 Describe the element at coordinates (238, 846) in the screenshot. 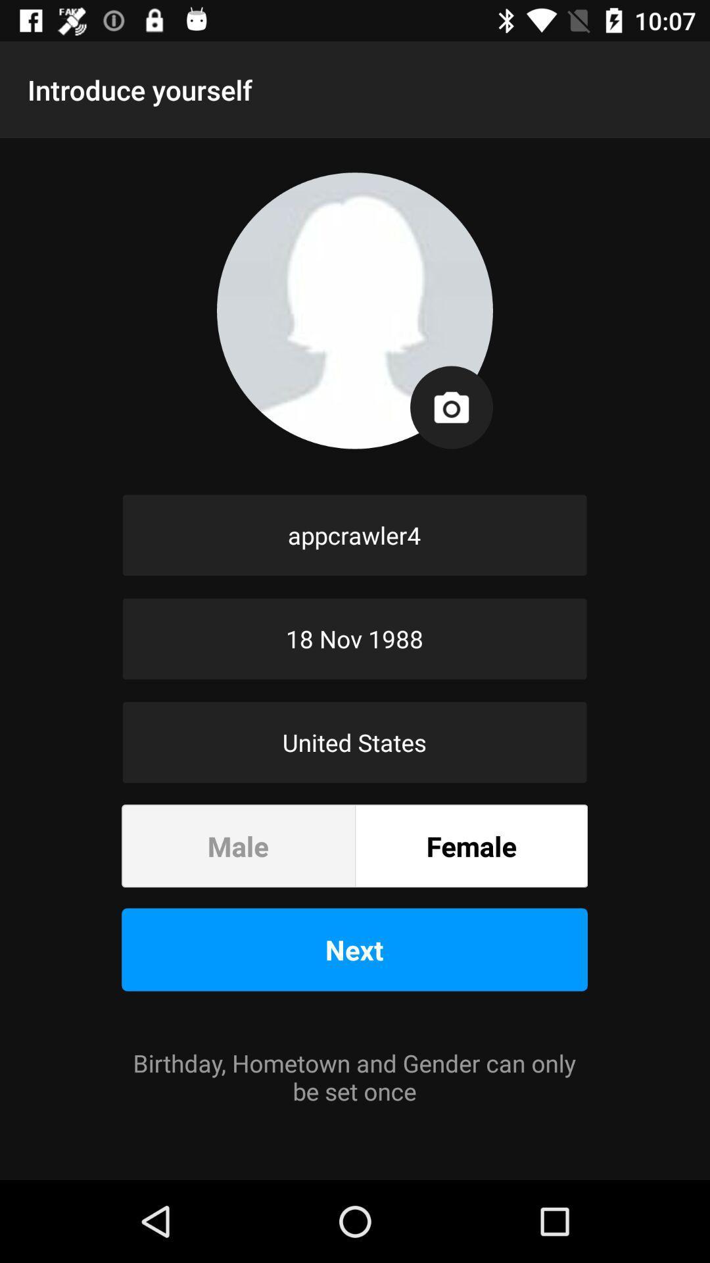

I see `icon next to the female` at that location.